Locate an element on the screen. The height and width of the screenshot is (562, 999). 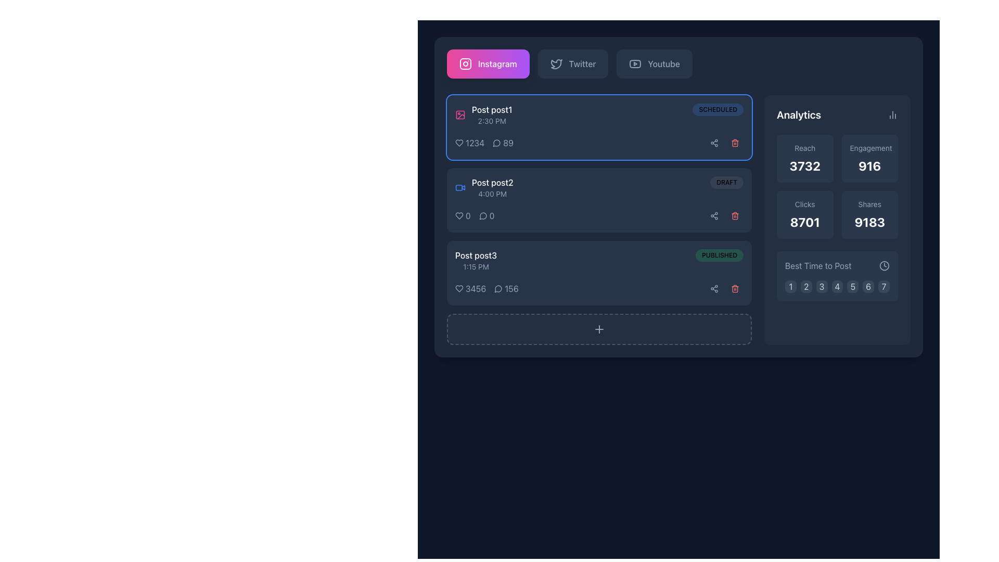
the delete button, which is part of a composite element containing share and delete buttons, located on the right side of the first post entry labeled 'Scheduled' is located at coordinates (724, 143).